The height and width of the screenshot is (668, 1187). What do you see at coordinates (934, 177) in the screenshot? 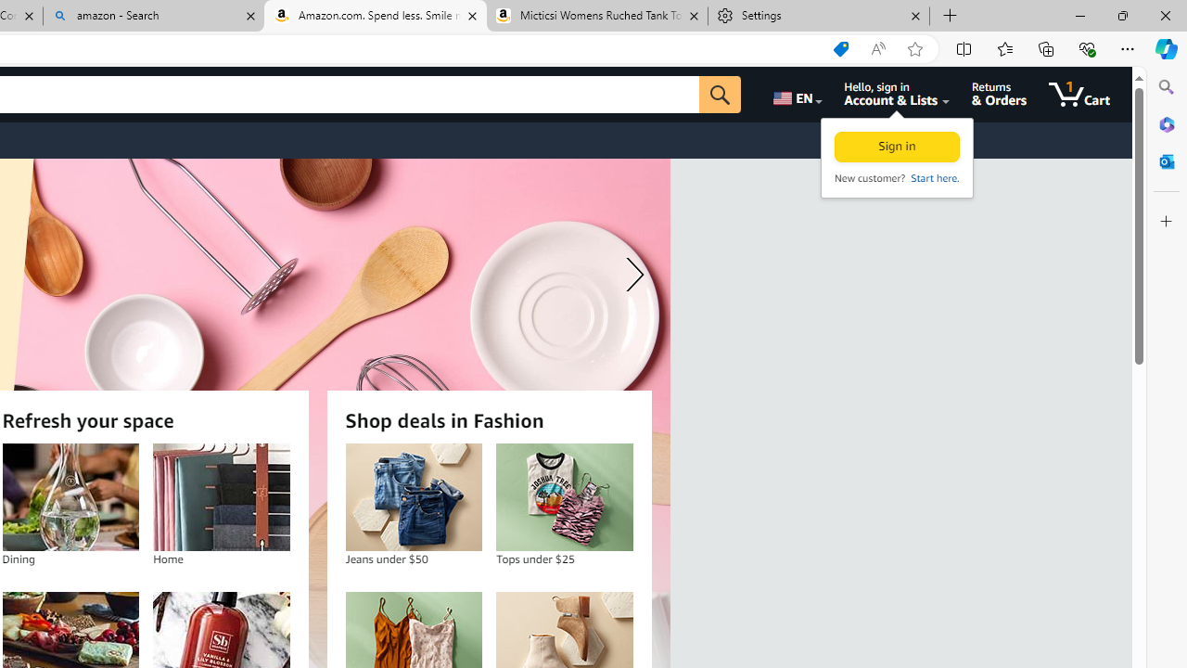
I see `'Start here.'` at bounding box center [934, 177].